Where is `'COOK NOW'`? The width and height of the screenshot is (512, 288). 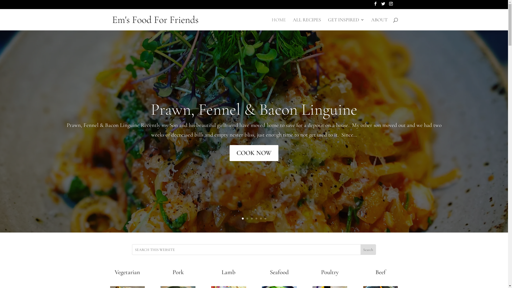
'COOK NOW' is located at coordinates (254, 153).